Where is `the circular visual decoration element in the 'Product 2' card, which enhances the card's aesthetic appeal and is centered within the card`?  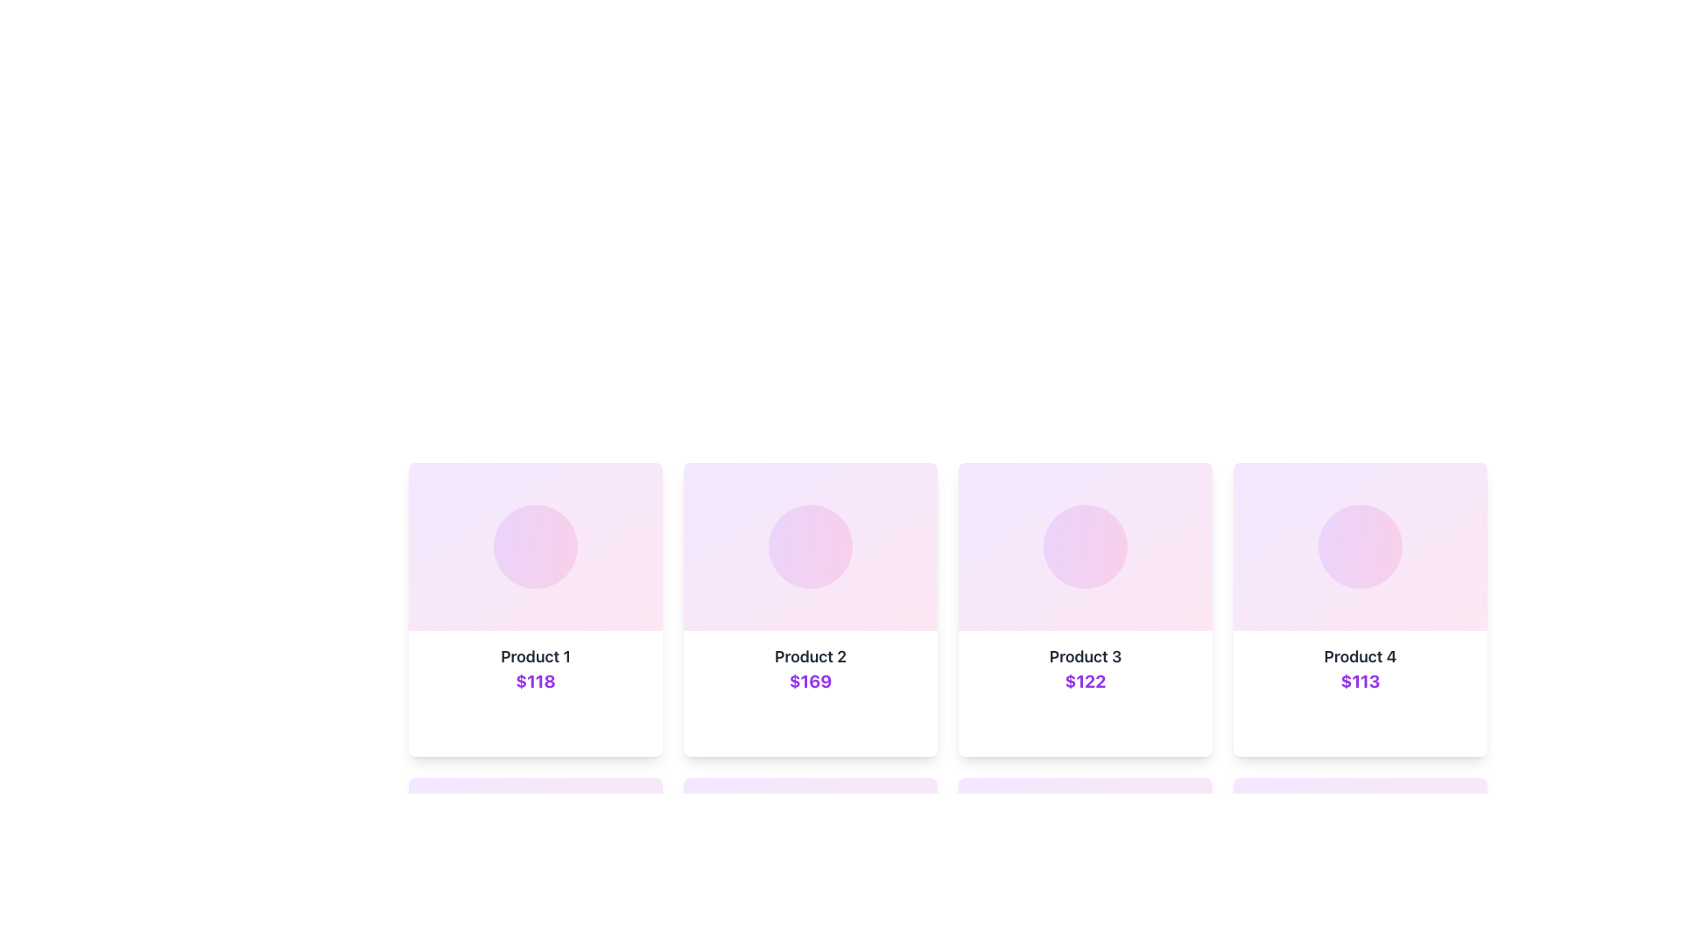
the circular visual decoration element in the 'Product 2' card, which enhances the card's aesthetic appeal and is centered within the card is located at coordinates (810, 545).